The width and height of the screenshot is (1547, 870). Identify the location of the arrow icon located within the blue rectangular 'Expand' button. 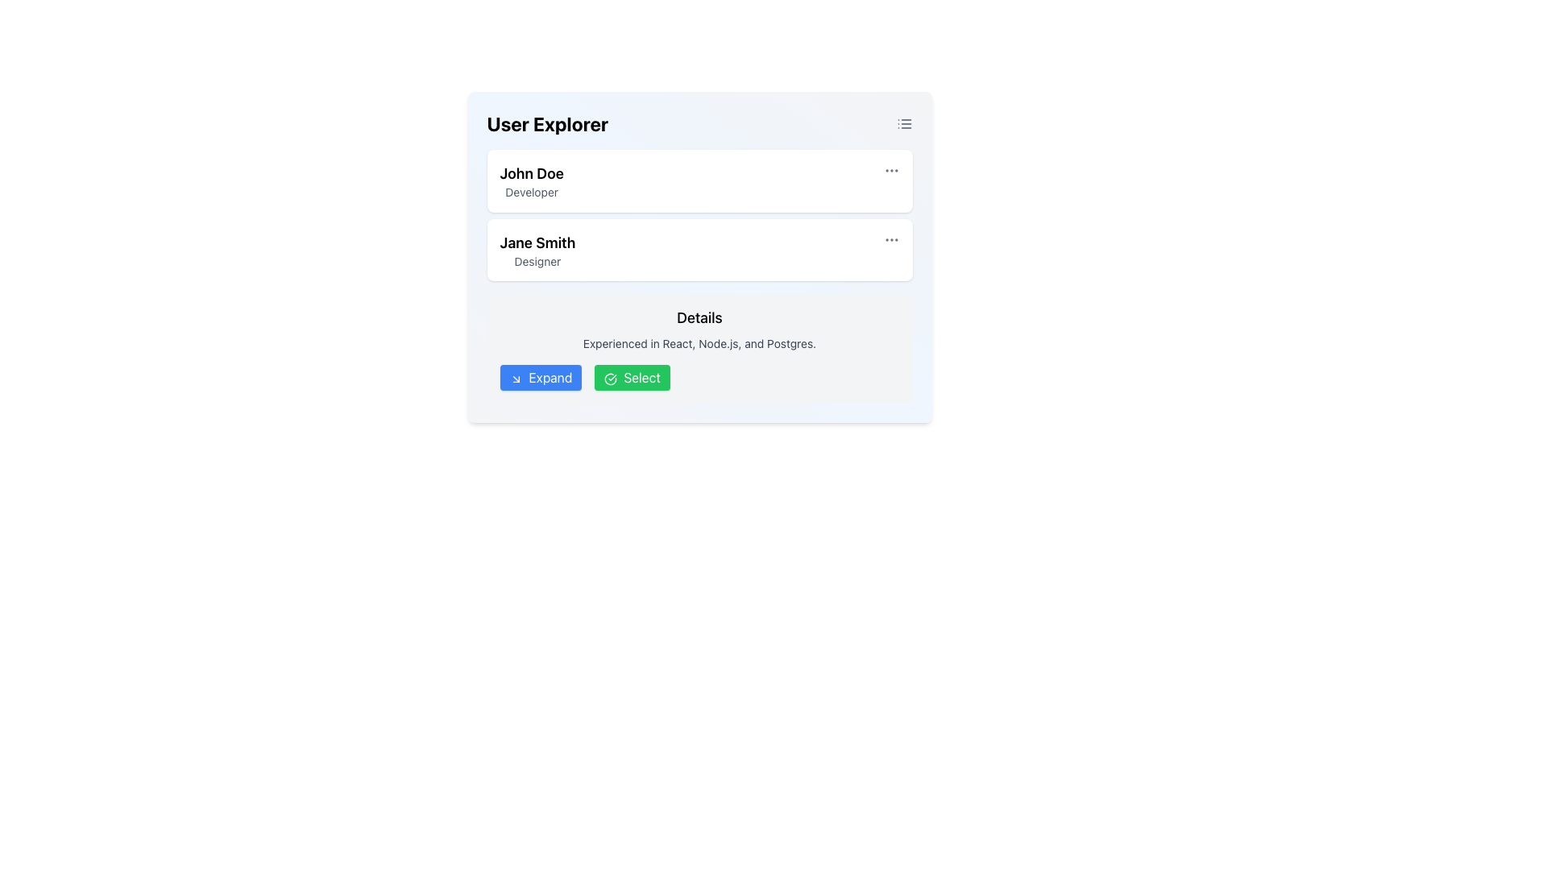
(516, 379).